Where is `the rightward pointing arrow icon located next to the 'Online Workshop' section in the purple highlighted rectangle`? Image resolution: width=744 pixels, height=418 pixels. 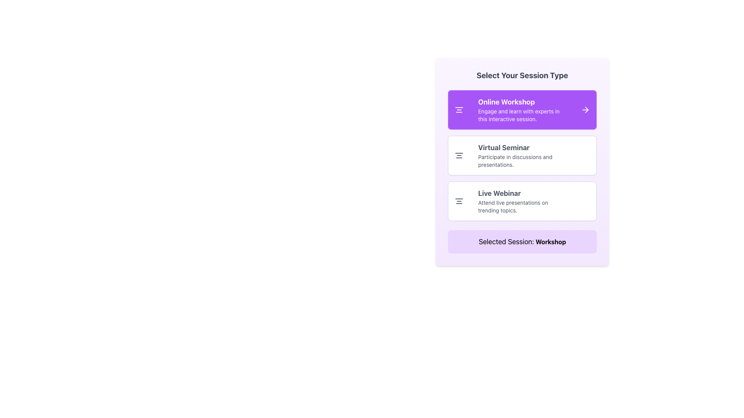 the rightward pointing arrow icon located next to the 'Online Workshop' section in the purple highlighted rectangle is located at coordinates (587, 110).